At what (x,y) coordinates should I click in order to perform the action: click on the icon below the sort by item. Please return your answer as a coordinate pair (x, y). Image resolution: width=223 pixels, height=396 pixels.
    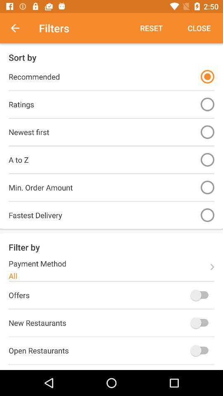
    Looking at the image, I should click on (207, 77).